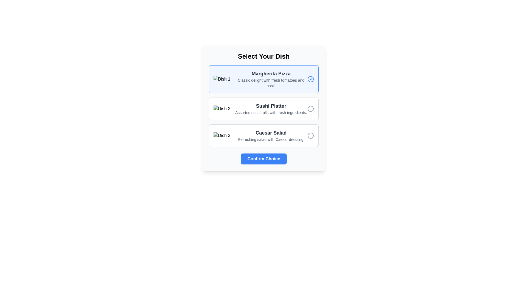 The height and width of the screenshot is (296, 527). I want to click on the confirmation button located at the bottom center of the dish selection menu to finalize the user's choice, so click(263, 159).